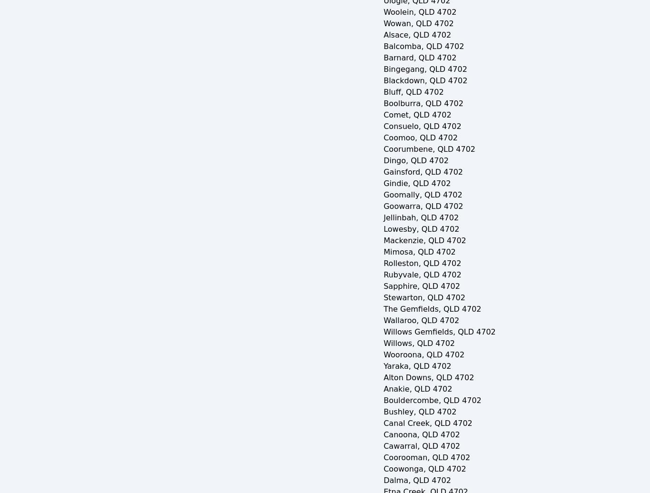 The height and width of the screenshot is (493, 650). Describe the element at coordinates (383, 206) in the screenshot. I see `'Goowarra, QLD 4702'` at that location.